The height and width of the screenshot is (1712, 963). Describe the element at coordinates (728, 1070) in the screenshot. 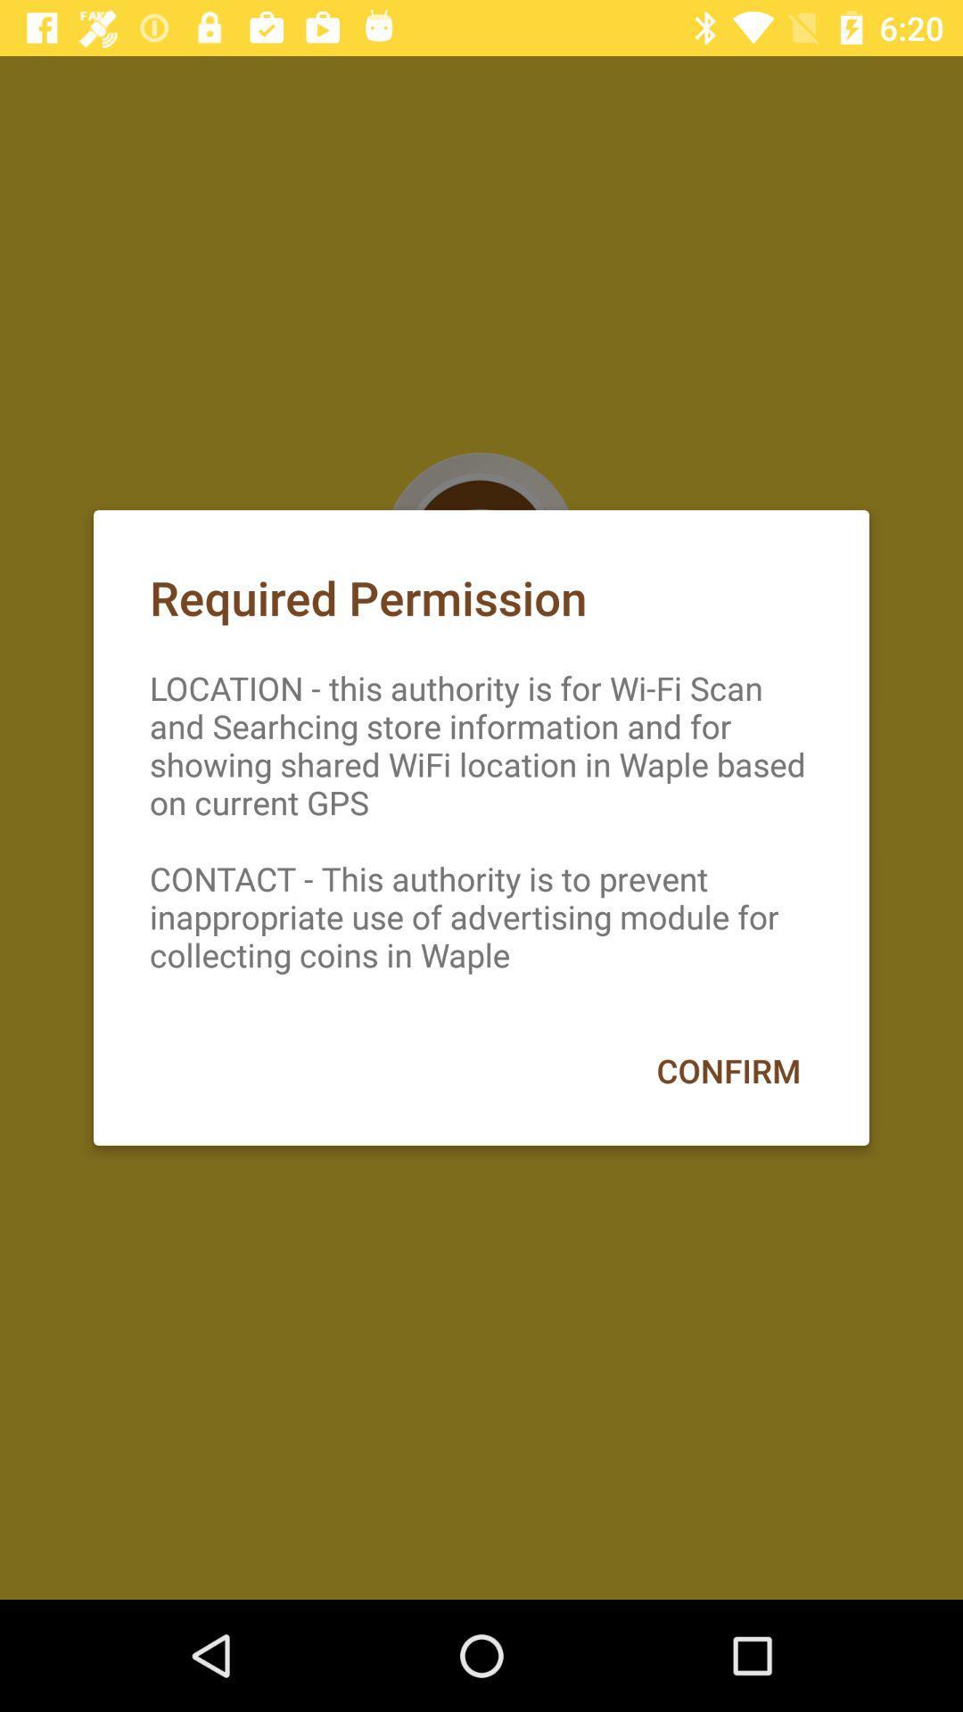

I see `icon on the right` at that location.